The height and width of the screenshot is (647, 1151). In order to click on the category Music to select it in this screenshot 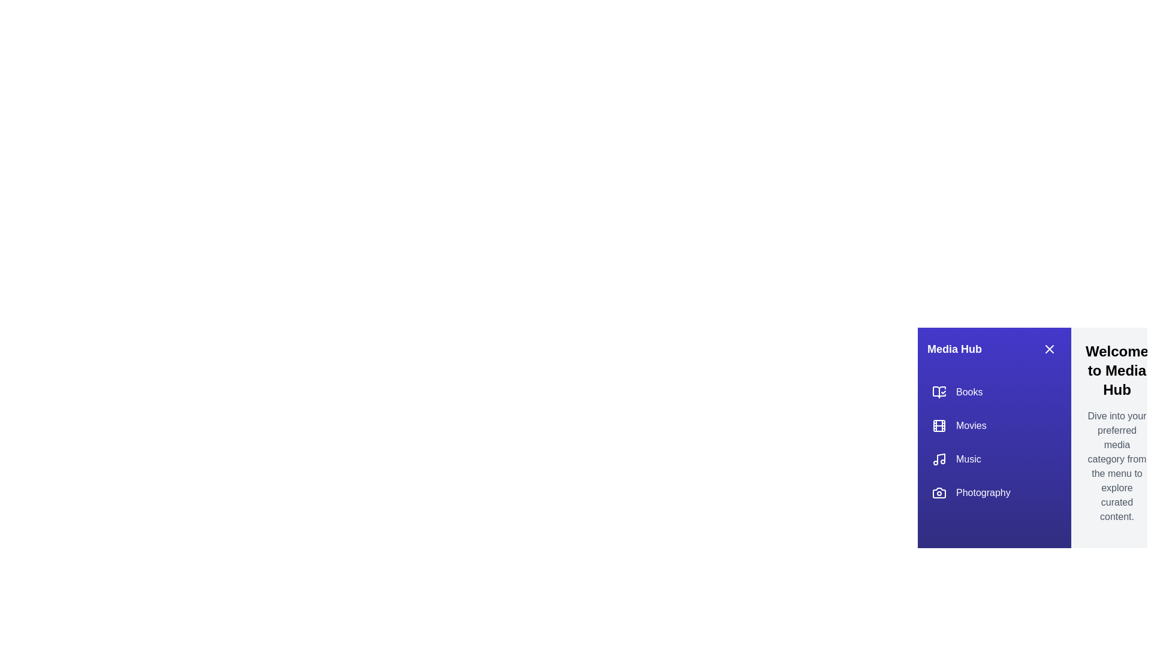, I will do `click(995, 459)`.